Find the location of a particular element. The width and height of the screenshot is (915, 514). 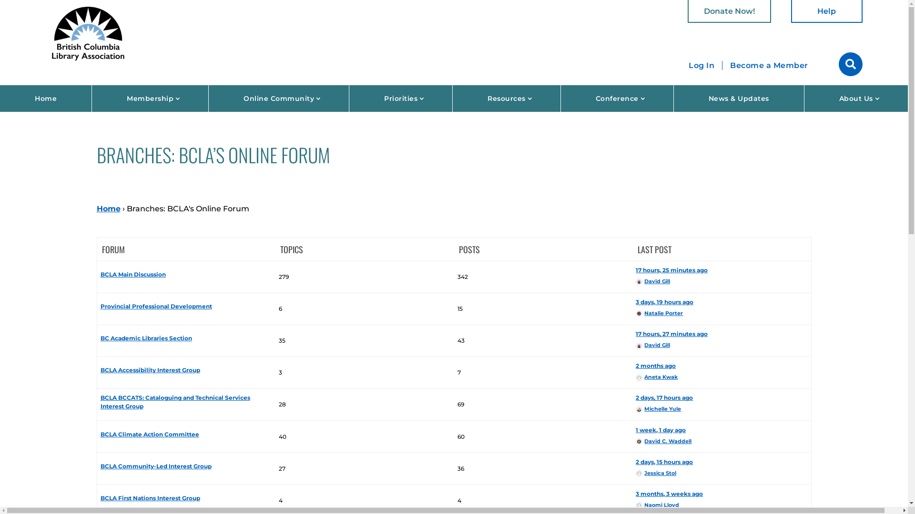

'Resources' is located at coordinates (506, 99).